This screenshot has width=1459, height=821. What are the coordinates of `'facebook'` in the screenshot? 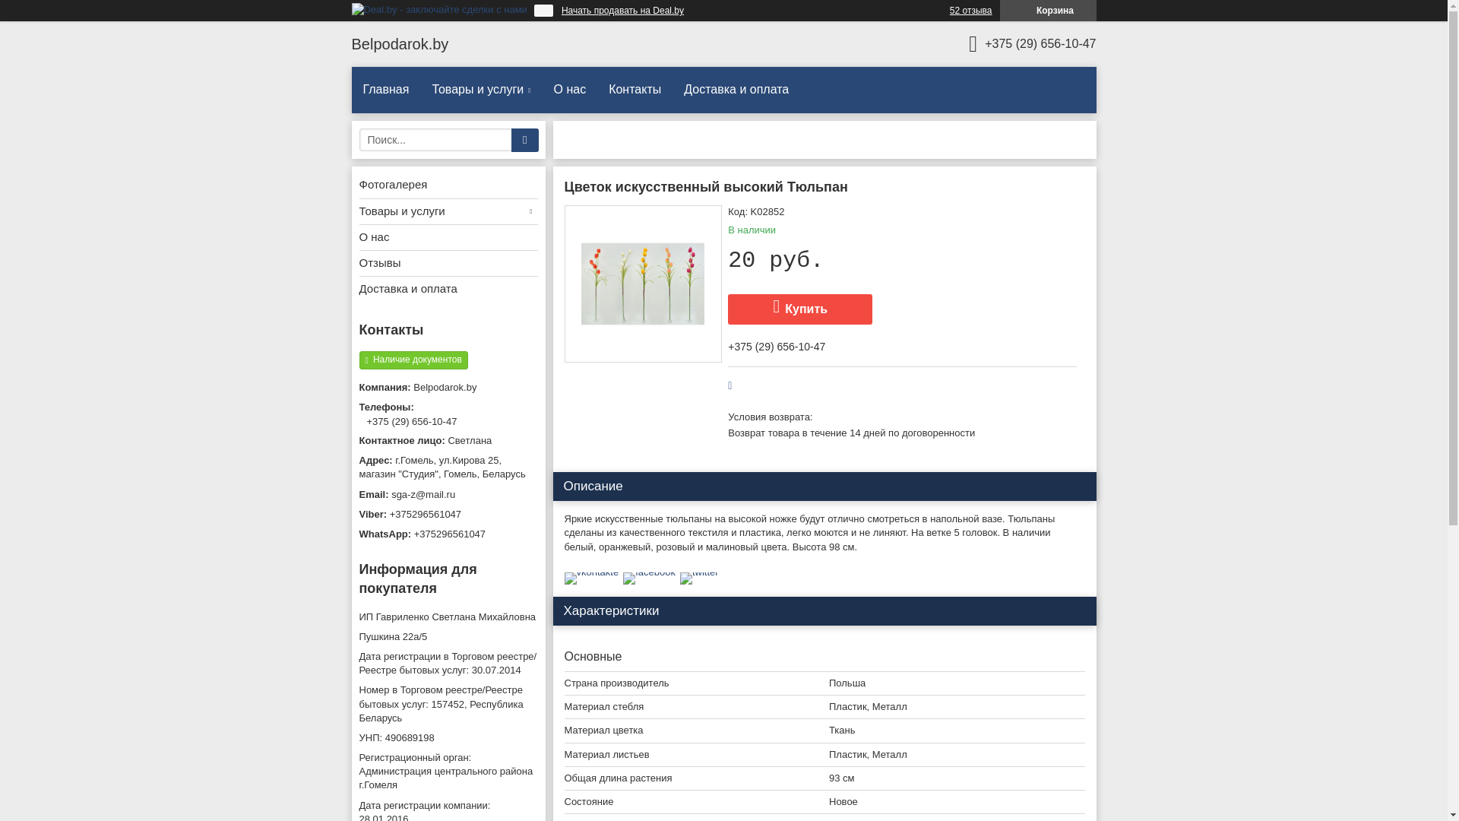 It's located at (649, 572).